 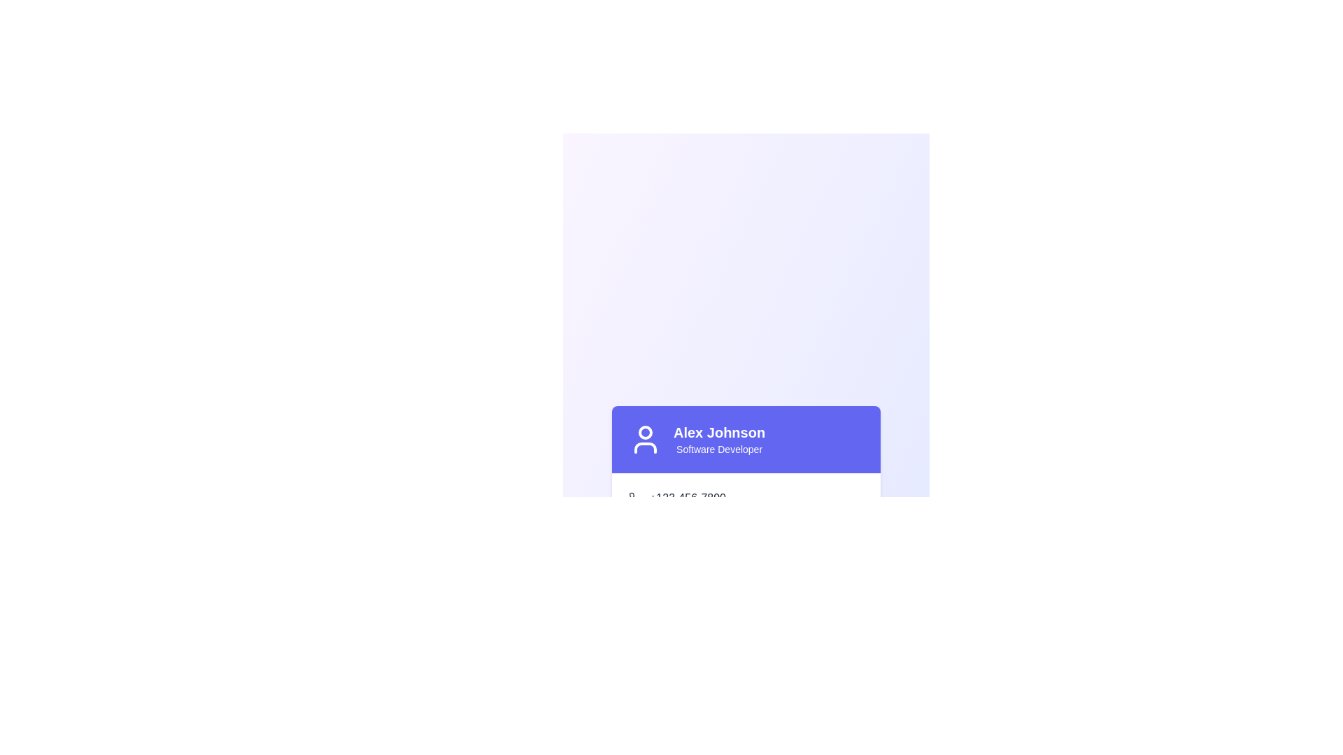 What do you see at coordinates (644, 447) in the screenshot?
I see `the bottom part of the stylized user icon representing Alex Johnson's profile in the purple header area` at bounding box center [644, 447].